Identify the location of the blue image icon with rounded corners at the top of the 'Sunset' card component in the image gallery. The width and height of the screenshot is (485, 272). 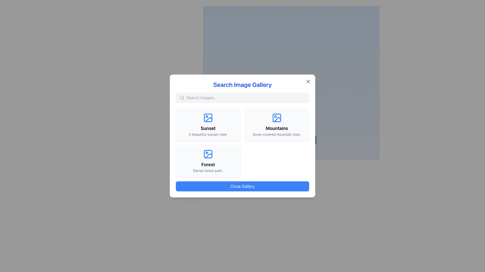
(208, 118).